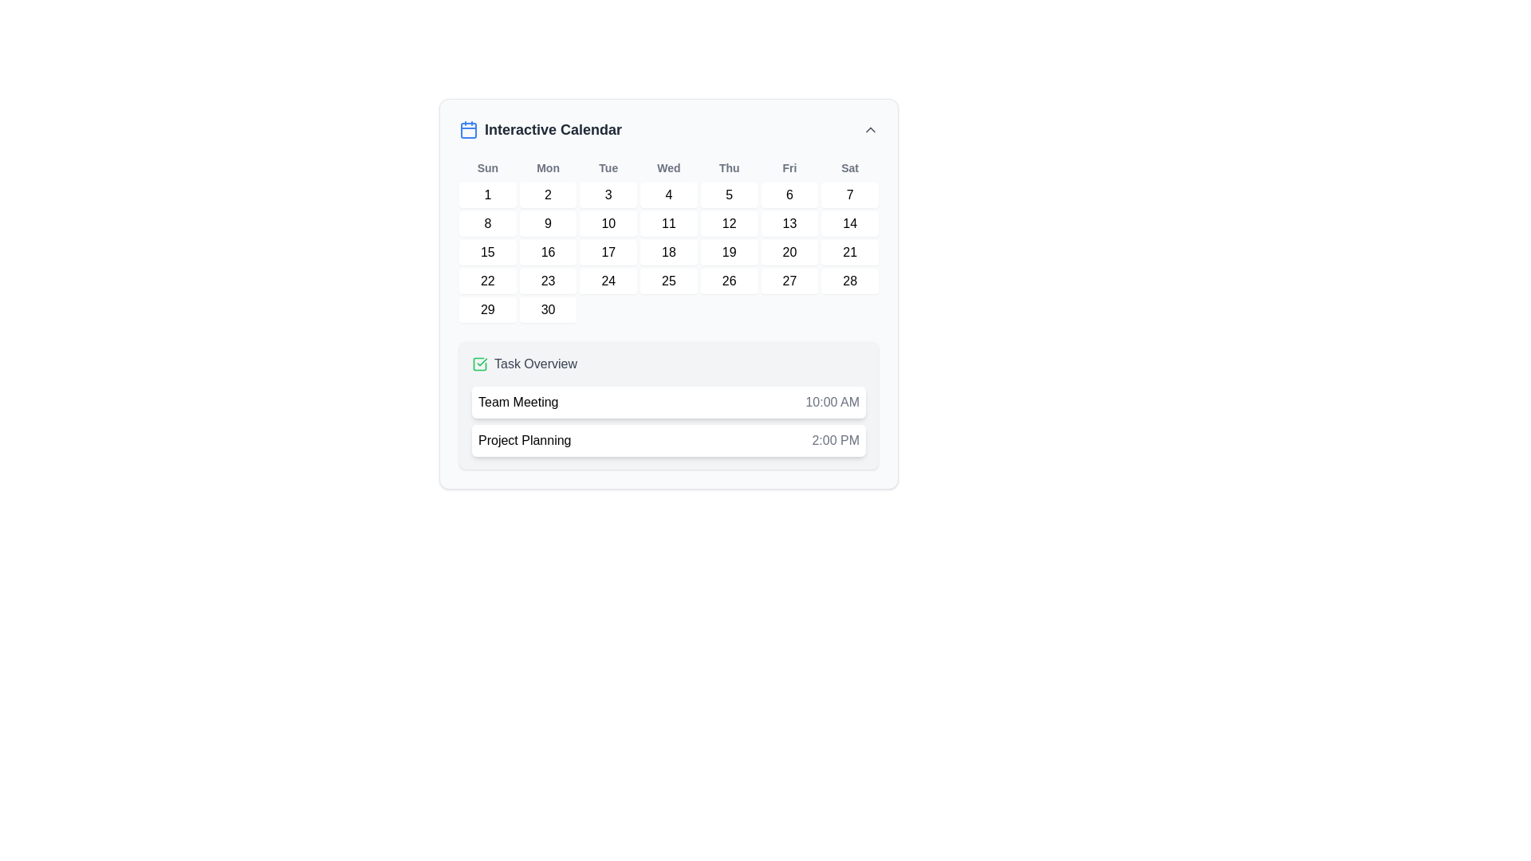 The width and height of the screenshot is (1531, 861). Describe the element at coordinates (608, 168) in the screenshot. I see `the static text element indicating the day abbreviation 'Tuesday', which is positioned in the calendar row between 'Mon' and 'Wed'` at that location.